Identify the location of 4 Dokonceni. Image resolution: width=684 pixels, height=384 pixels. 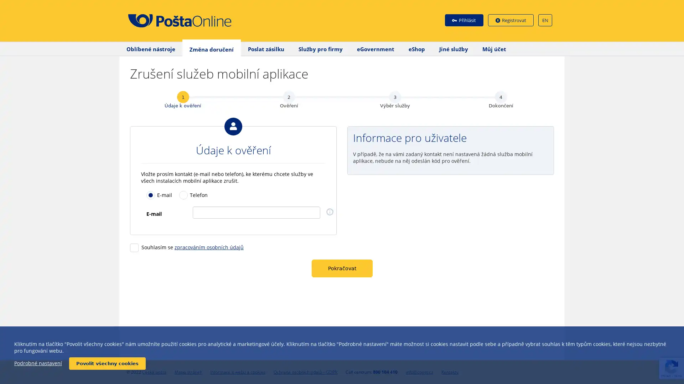
(500, 99).